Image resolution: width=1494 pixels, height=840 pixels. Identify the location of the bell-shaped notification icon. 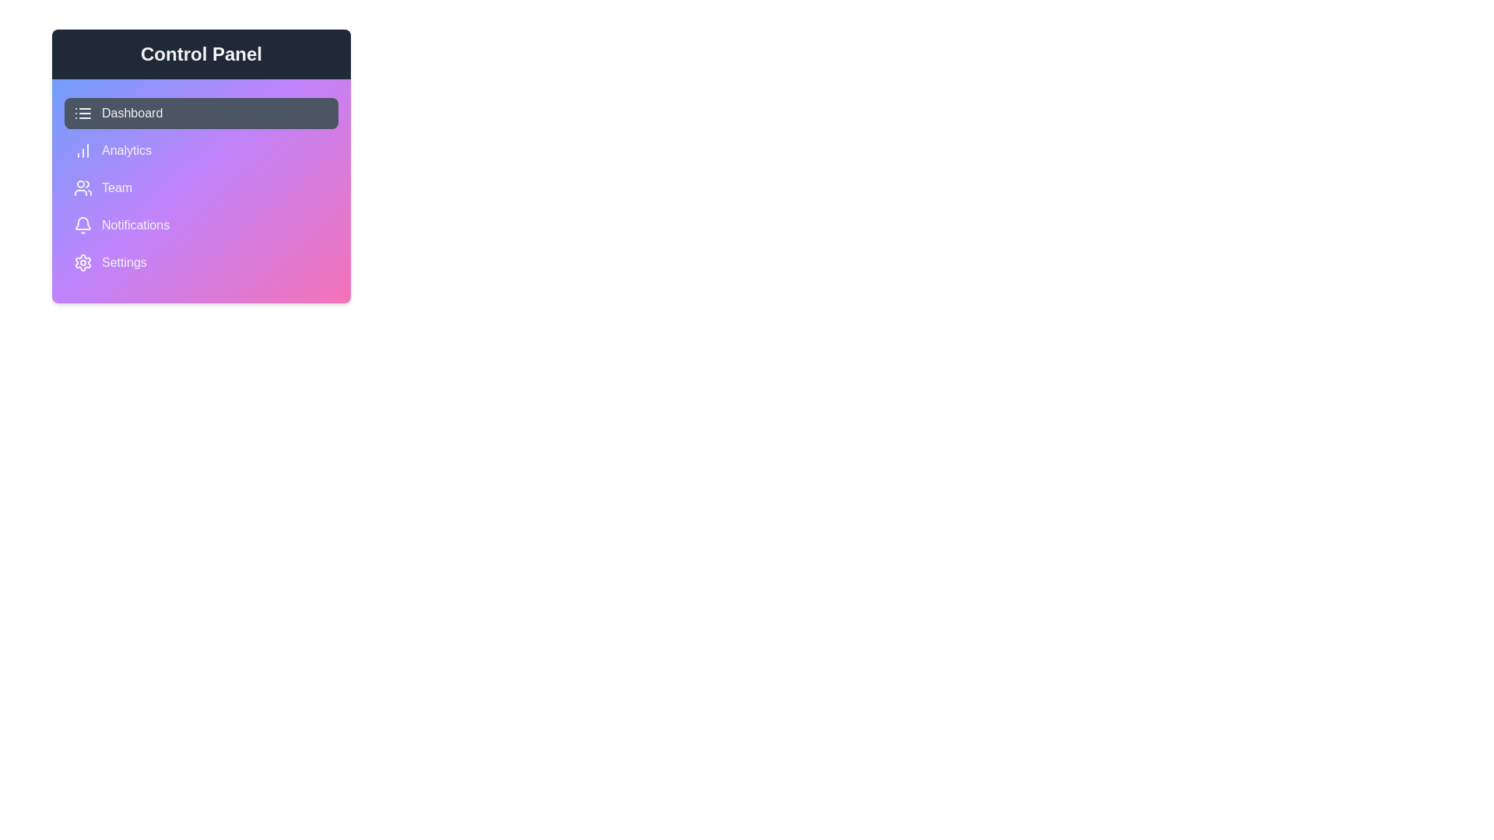
(82, 225).